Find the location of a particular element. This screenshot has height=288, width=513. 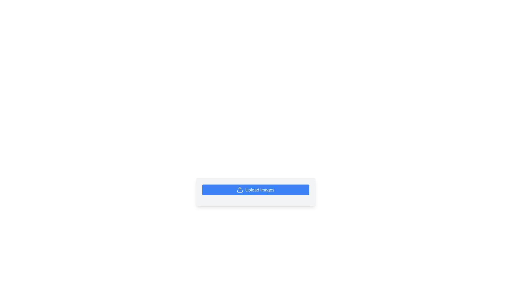

the upload icon located inside the blue button labeled 'Upload Images', which is positioned towards the left of the text and centered vertically in the button is located at coordinates (240, 190).